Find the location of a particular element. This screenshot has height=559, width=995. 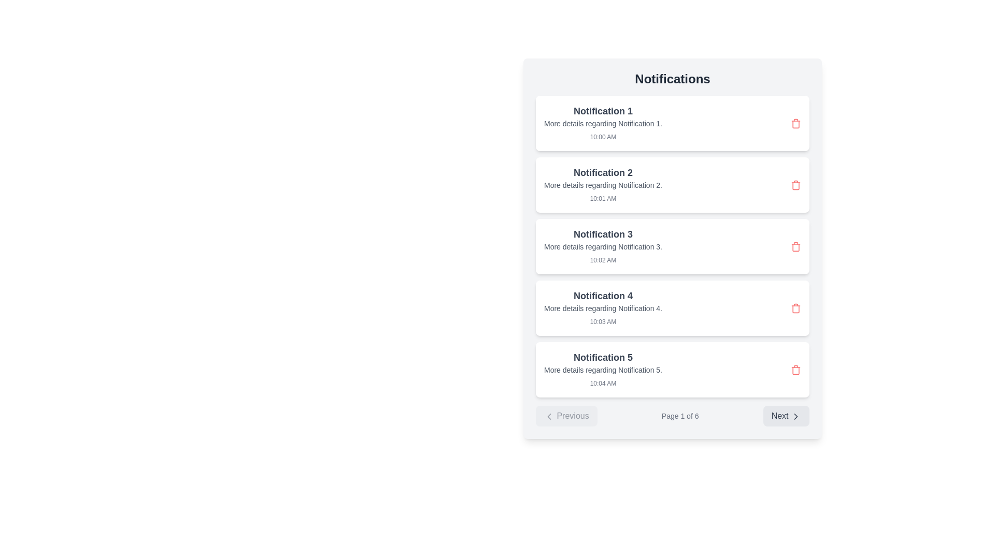

the delete button located to the far right of the notification titled 'Notification 2', next to the timestamp '10:01 AM', which is the second delete button from the top is located at coordinates (795, 184).